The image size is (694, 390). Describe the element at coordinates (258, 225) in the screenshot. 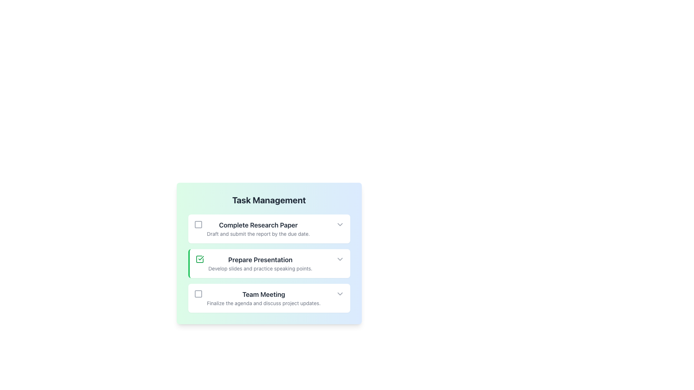

I see `the text label reading 'Complete Research Paper' which is styled in bold and dark gray, located in the first task card of the 'Task Management' interface` at that location.